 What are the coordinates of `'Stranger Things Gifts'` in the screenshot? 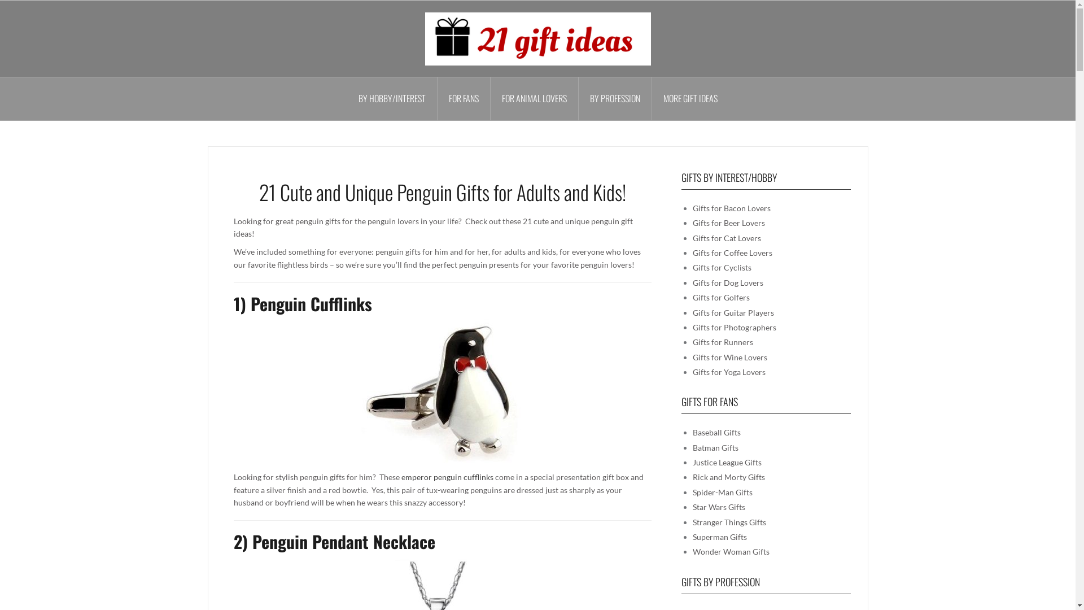 It's located at (729, 522).